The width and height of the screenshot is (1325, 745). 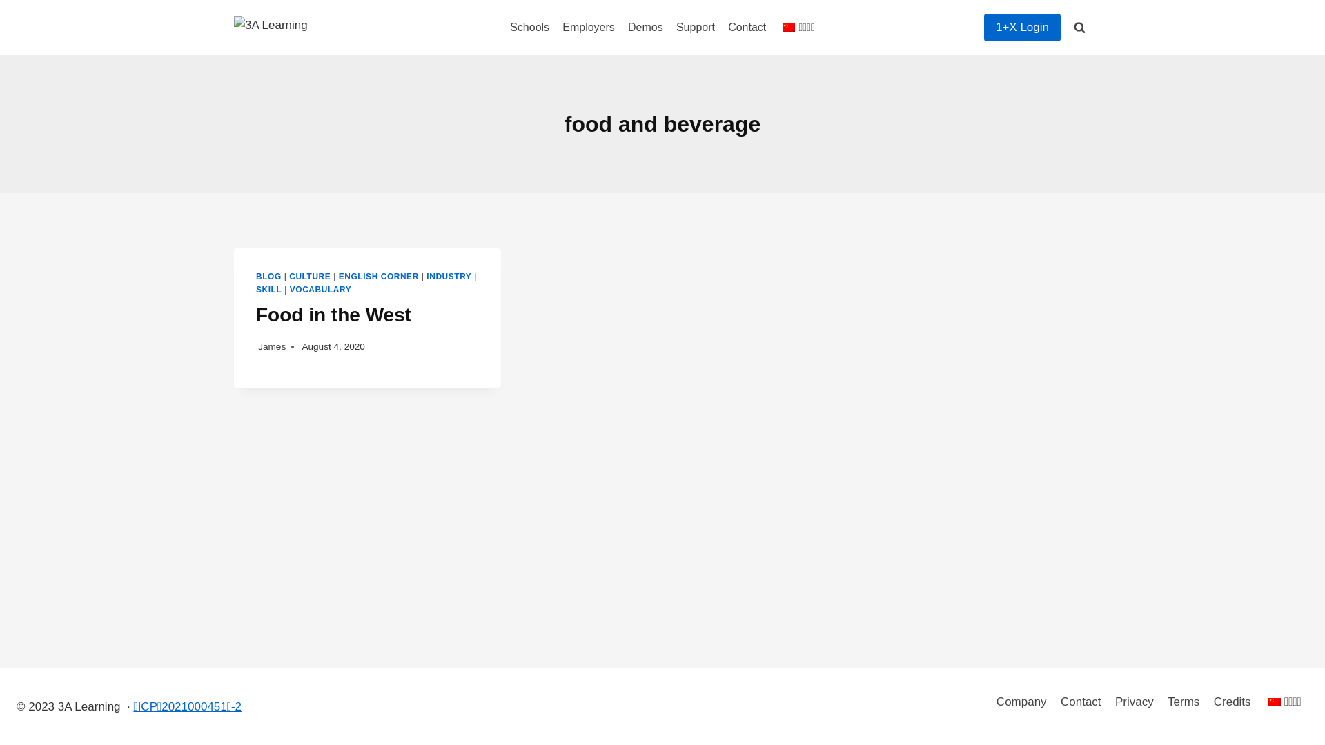 What do you see at coordinates (502, 28) in the screenshot?
I see `'Schools'` at bounding box center [502, 28].